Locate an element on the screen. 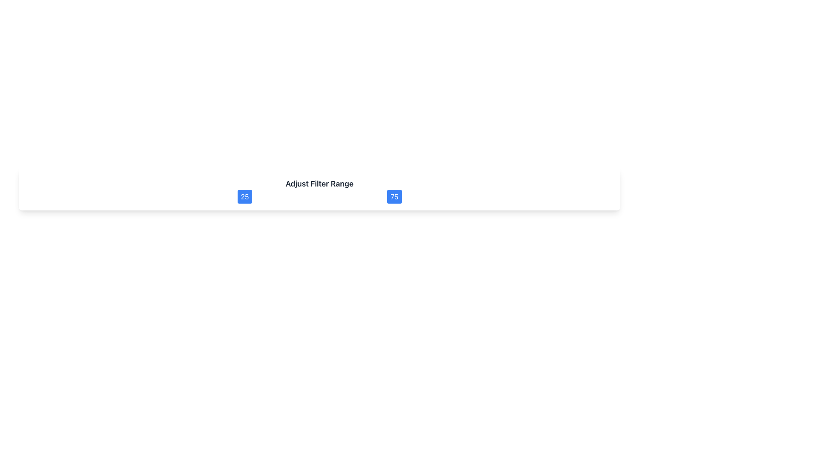 The height and width of the screenshot is (462, 822). the Slider Track located between the values '25' and '75' in the interface is located at coordinates (347, 201).